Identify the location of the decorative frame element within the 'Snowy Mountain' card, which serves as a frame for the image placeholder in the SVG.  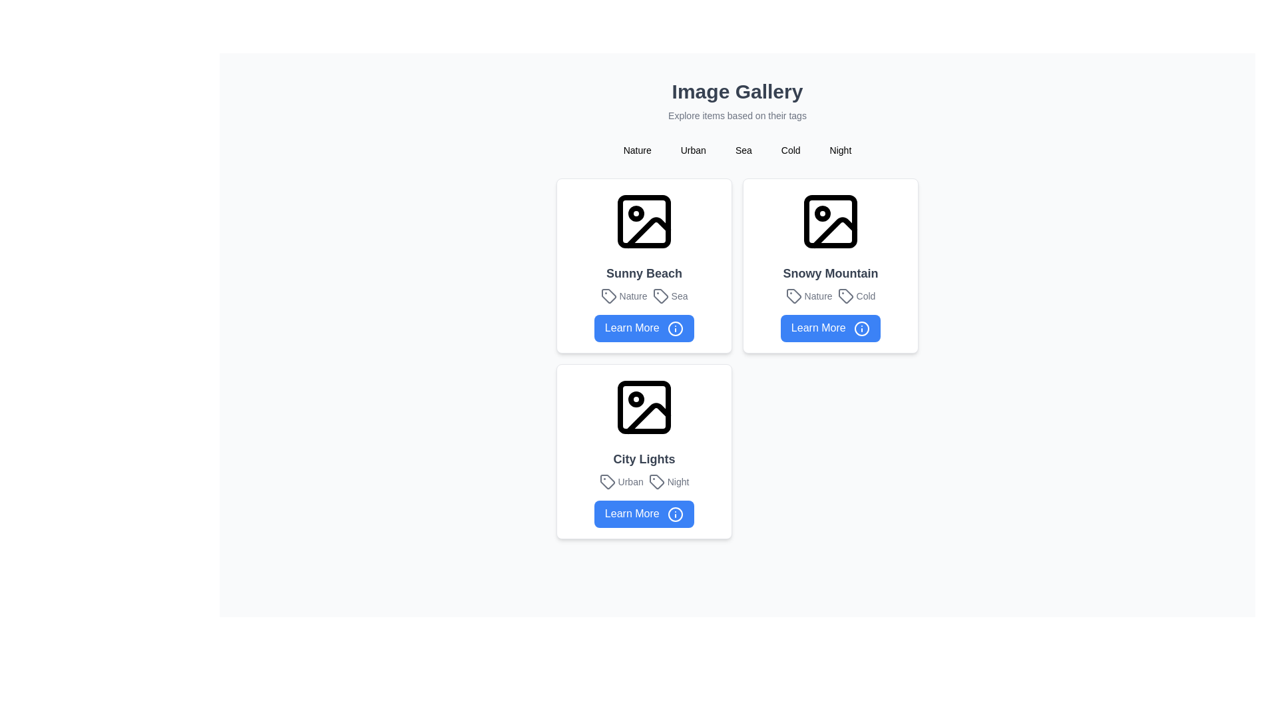
(830, 220).